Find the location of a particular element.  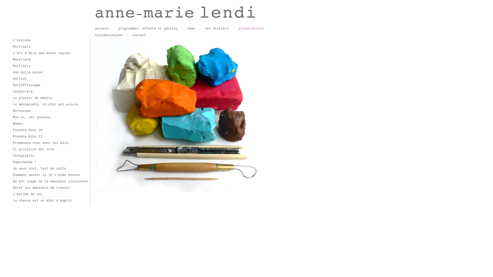

'collaborations' is located at coordinates (108, 35).